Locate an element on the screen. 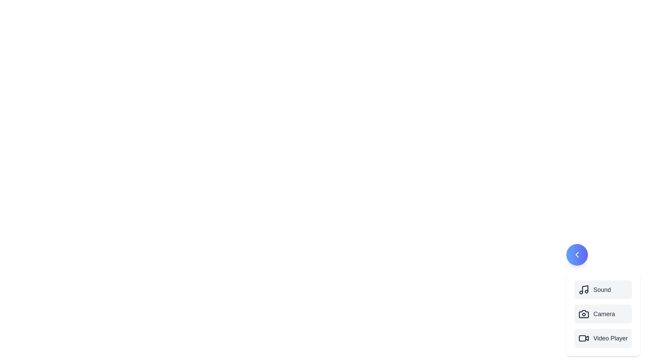 The width and height of the screenshot is (648, 364). circular button to toggle the visibility of the multimedia options menu is located at coordinates (577, 255).